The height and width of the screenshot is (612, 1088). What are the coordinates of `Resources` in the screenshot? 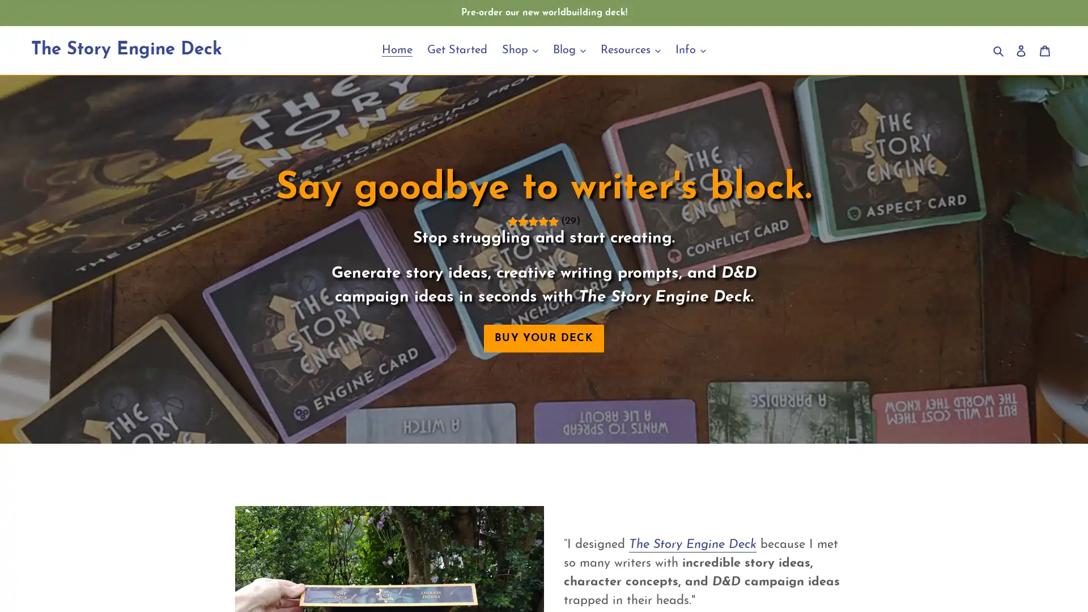 It's located at (630, 49).